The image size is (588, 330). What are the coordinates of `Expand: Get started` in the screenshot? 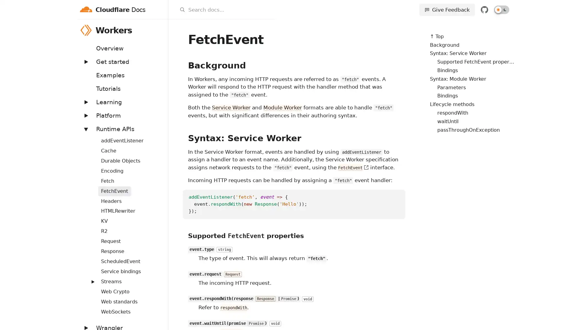 It's located at (85, 61).